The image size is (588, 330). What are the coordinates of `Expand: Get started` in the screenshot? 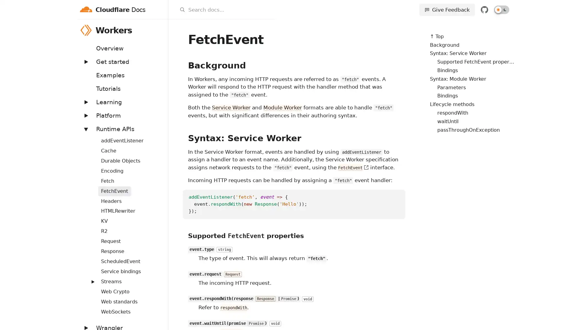 It's located at (85, 61).